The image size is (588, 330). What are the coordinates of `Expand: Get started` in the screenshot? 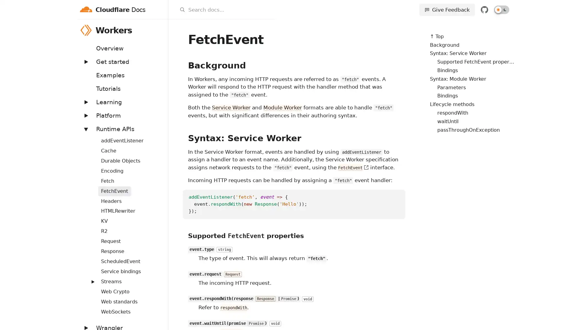 It's located at (85, 61).